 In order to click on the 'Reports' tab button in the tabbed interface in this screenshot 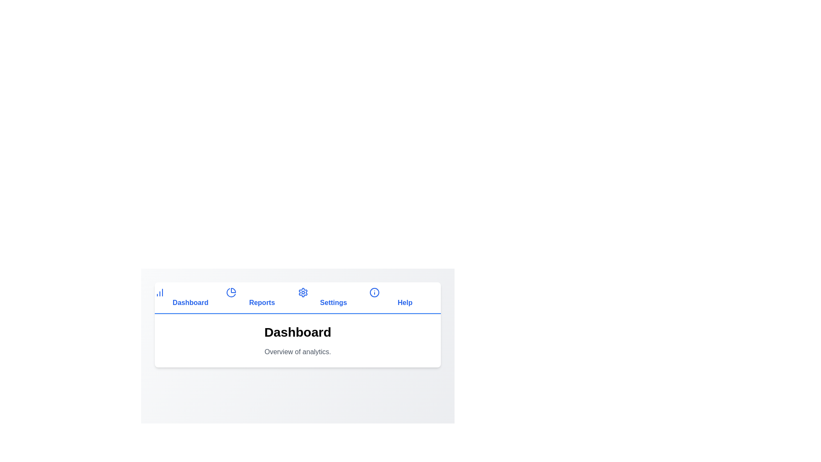, I will do `click(261, 298)`.